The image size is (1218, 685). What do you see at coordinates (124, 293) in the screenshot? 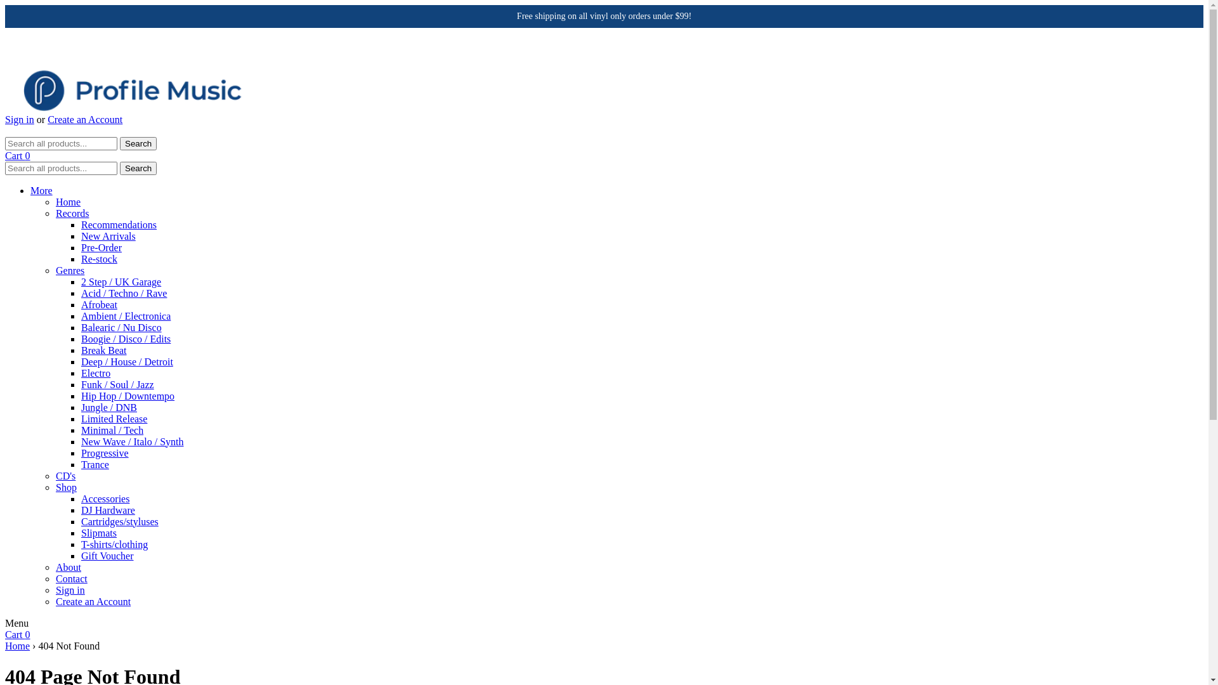
I see `'Acid / Techno / Rave'` at bounding box center [124, 293].